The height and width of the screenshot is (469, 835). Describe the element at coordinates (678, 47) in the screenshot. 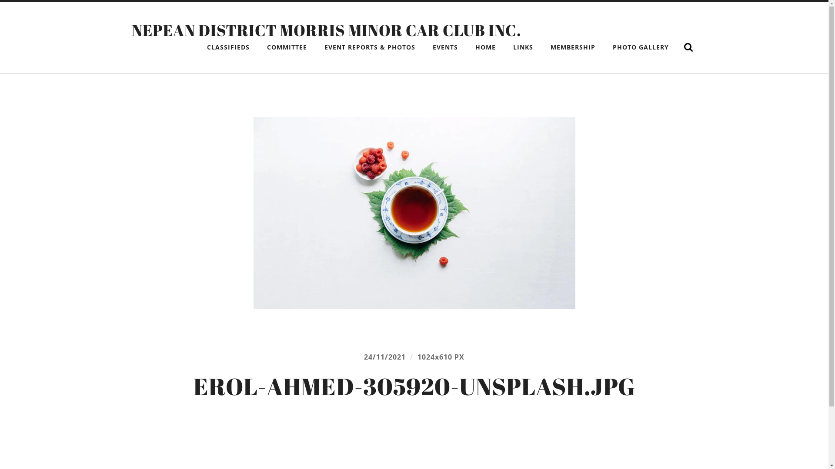

I see `'Show the search field'` at that location.